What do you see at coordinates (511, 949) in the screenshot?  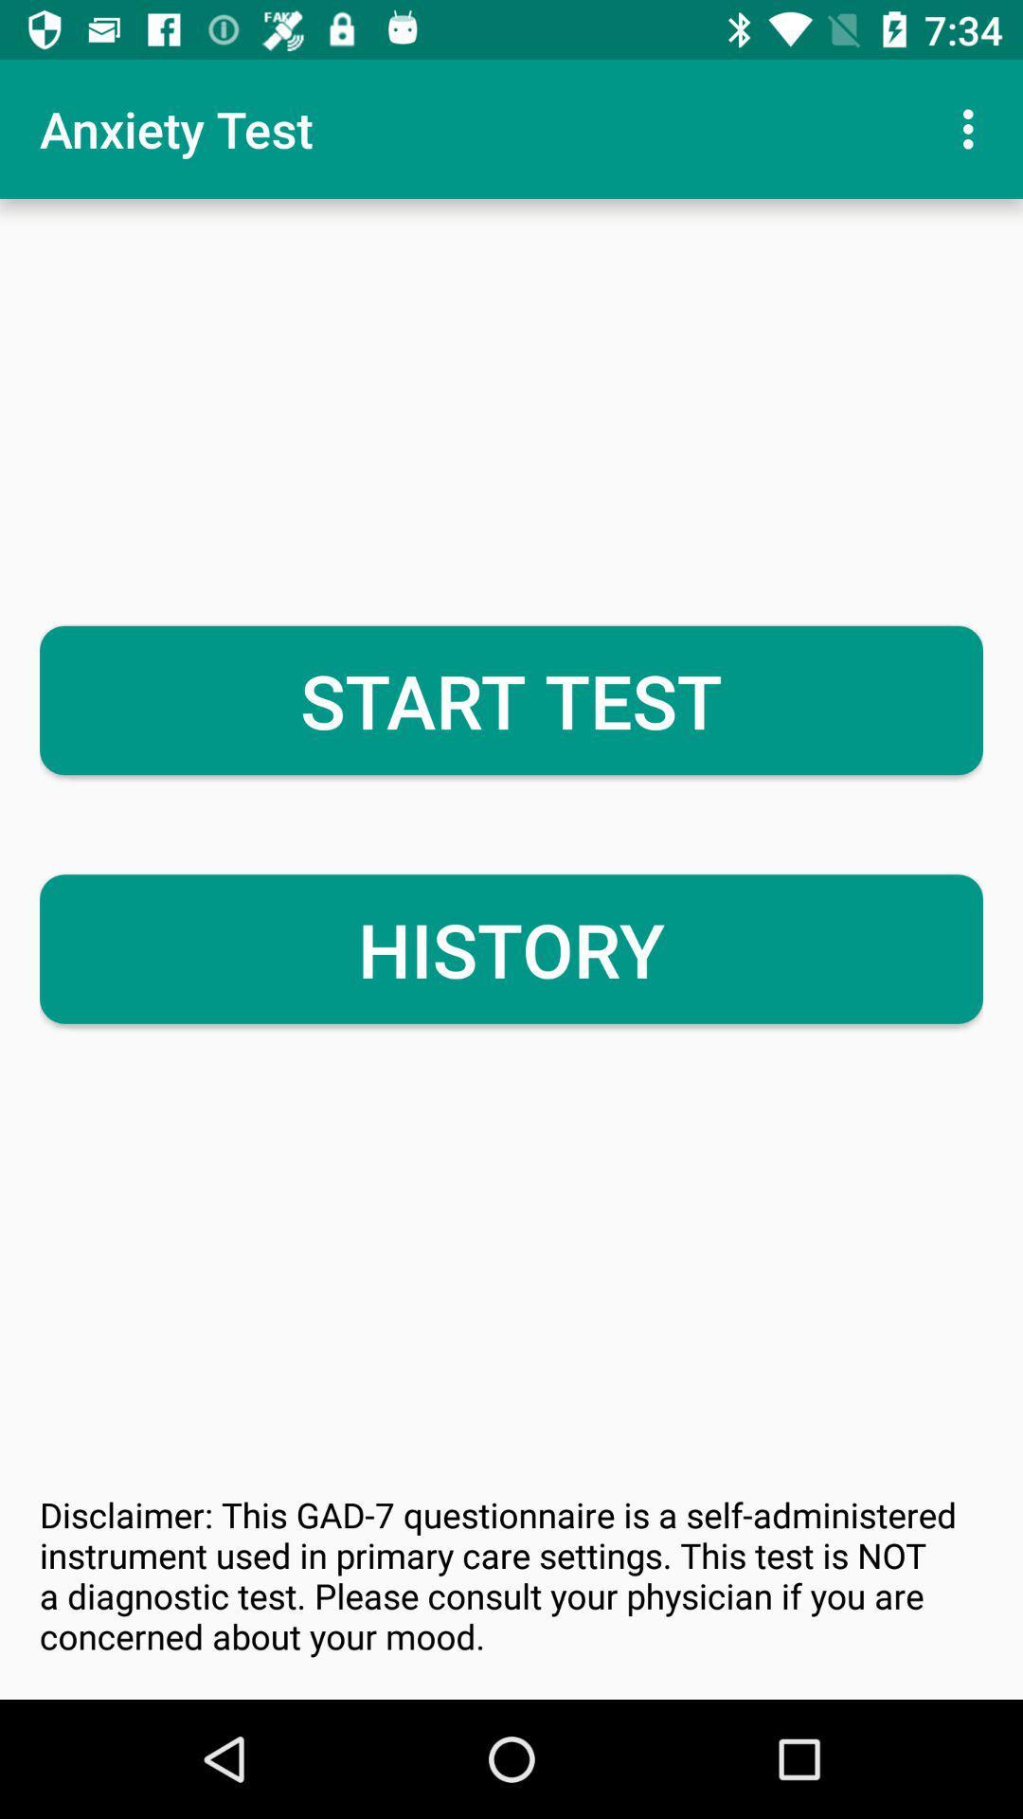 I see `the history icon` at bounding box center [511, 949].